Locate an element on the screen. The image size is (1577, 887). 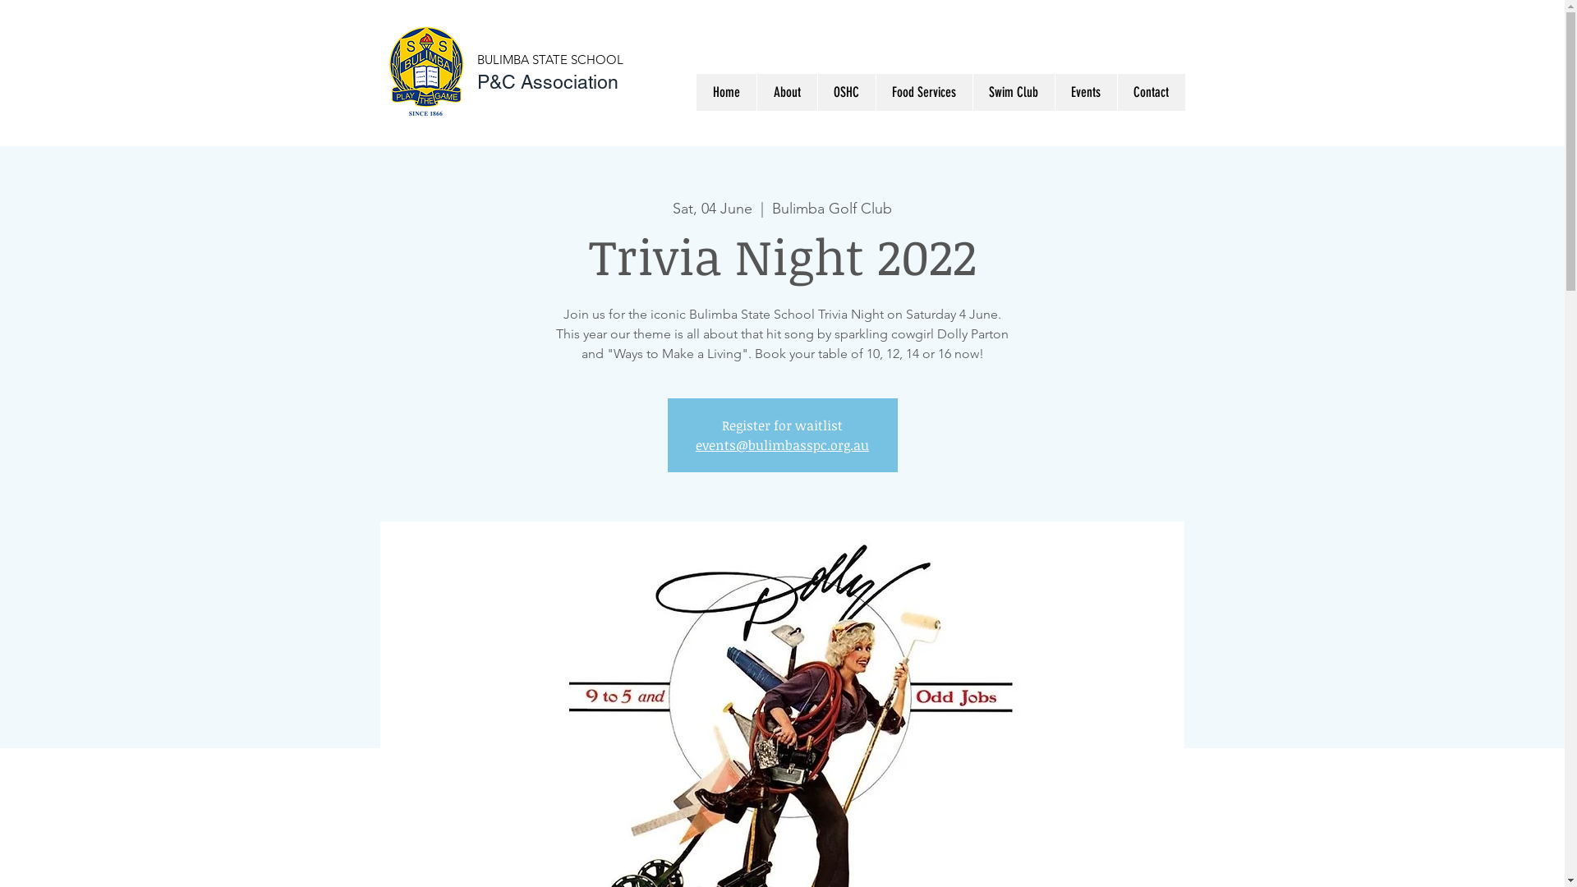
'OSHC' is located at coordinates (845, 92).